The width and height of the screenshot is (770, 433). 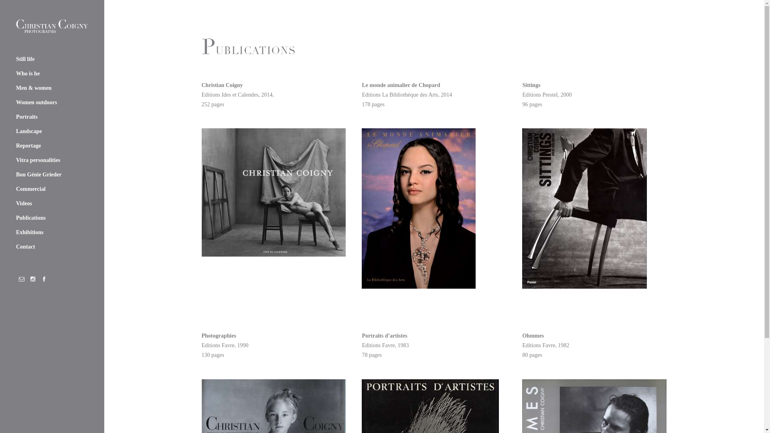 I want to click on 'social_email', so click(x=21, y=278).